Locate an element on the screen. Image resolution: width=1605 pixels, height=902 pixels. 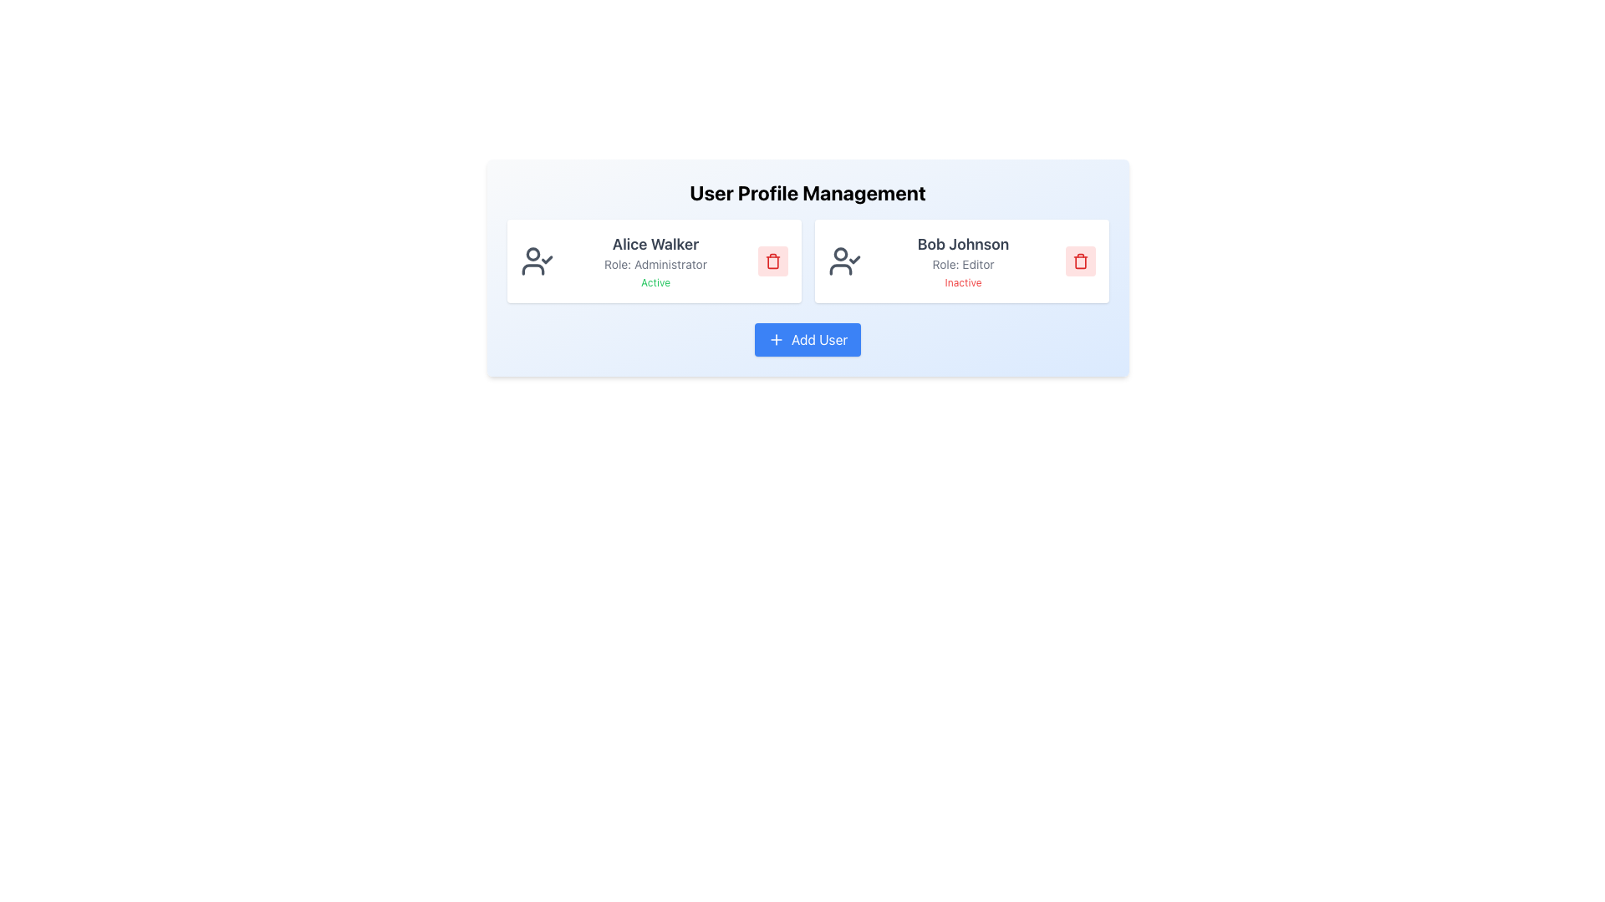
the user icon SVG graphic element located at the top left of the 'Alice Walker' user card, which features a silhouette of a person with a checkmark is located at coordinates (537, 261).